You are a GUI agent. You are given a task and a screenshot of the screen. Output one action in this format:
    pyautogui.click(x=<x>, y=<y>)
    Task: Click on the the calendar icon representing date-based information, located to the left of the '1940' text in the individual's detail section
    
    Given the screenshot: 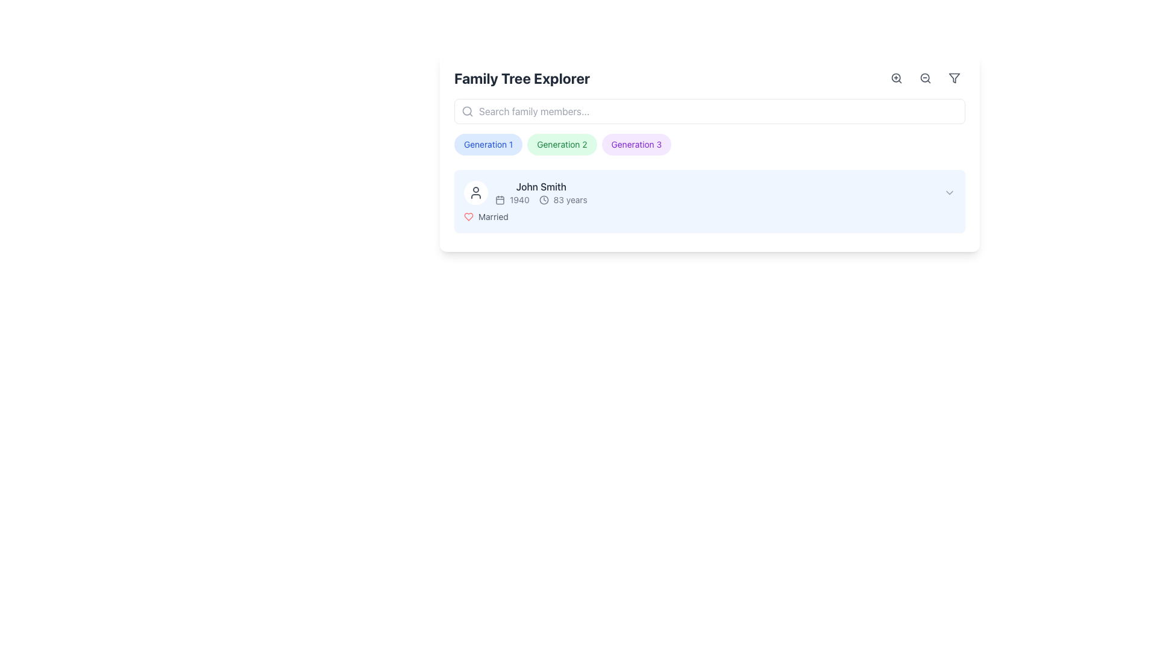 What is the action you would take?
    pyautogui.click(x=500, y=199)
    